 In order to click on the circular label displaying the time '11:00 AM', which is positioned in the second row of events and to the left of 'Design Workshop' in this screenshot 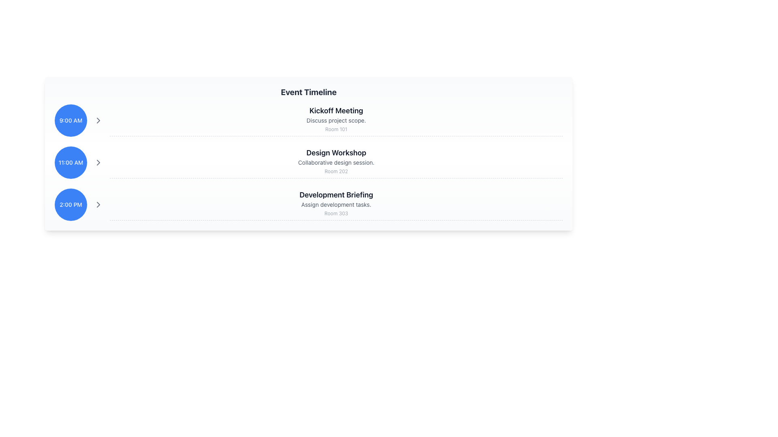, I will do `click(71, 162)`.